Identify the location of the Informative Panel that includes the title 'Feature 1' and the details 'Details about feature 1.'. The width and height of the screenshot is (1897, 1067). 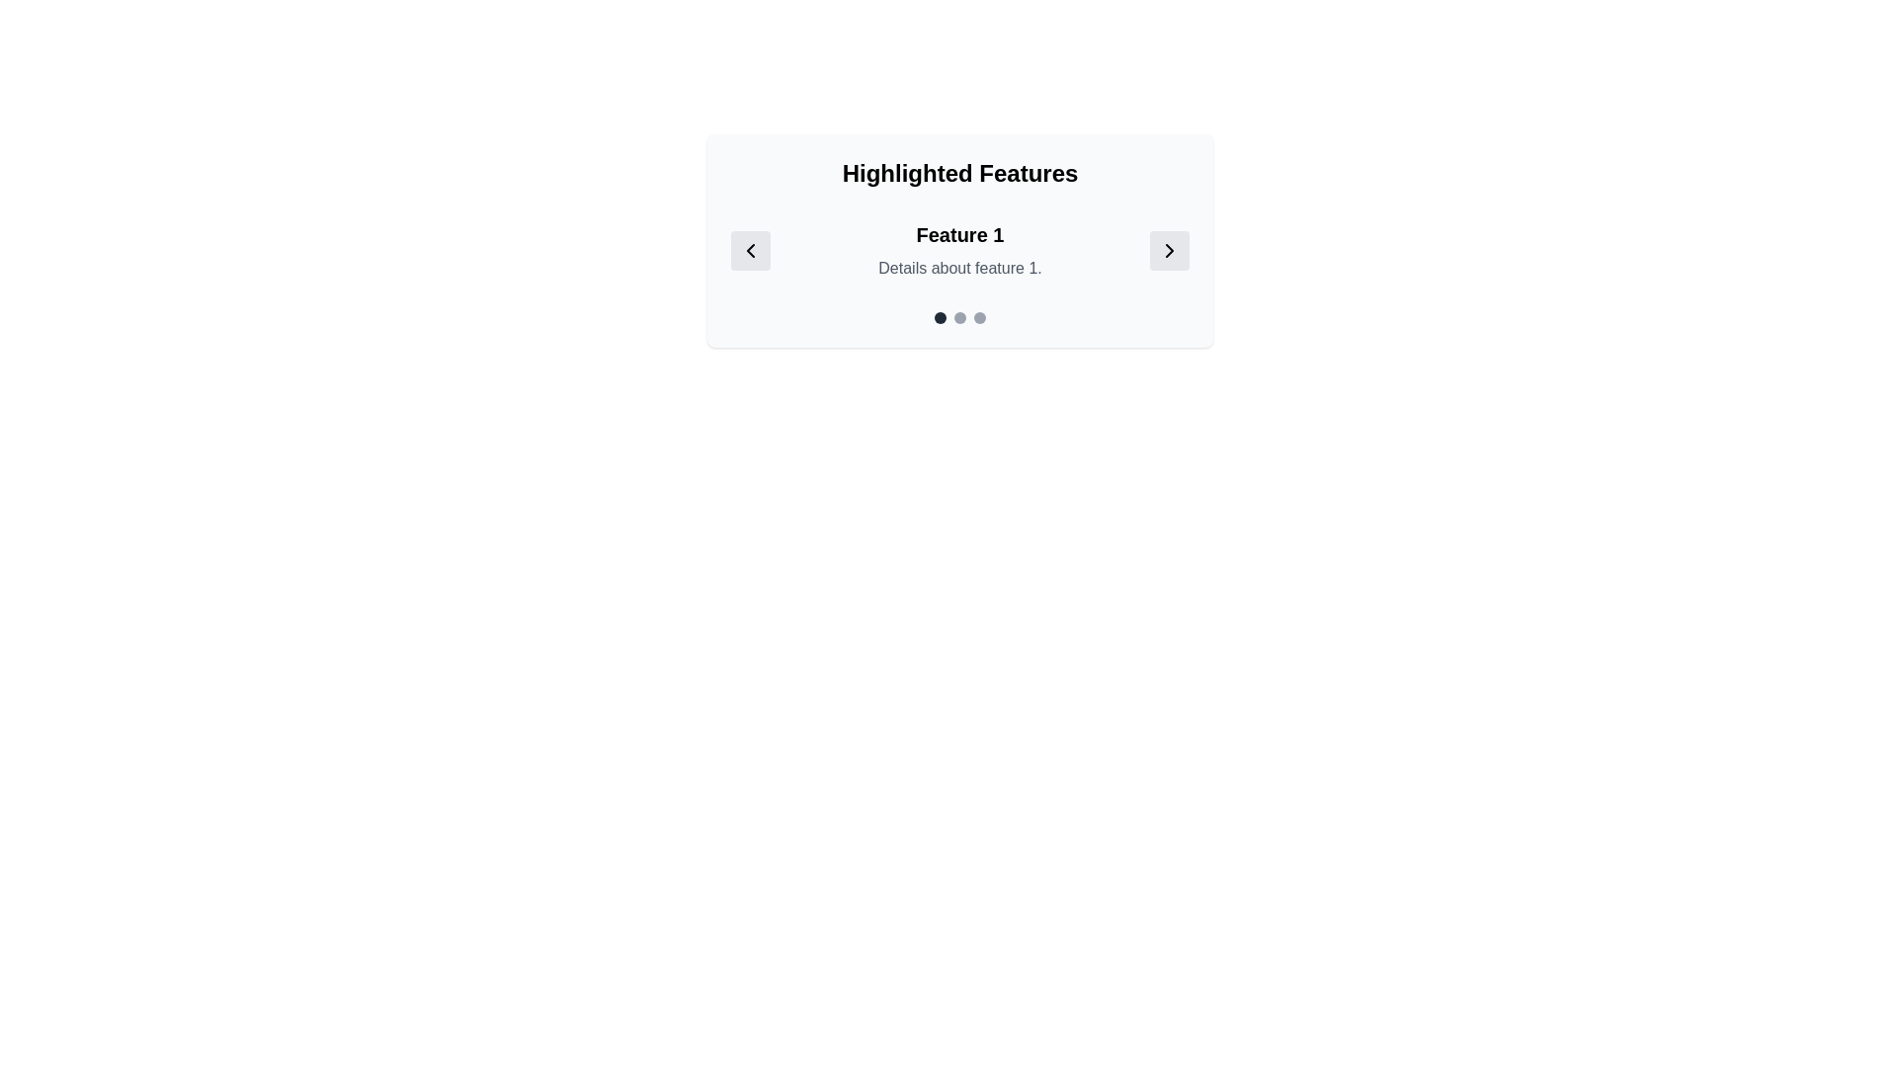
(959, 250).